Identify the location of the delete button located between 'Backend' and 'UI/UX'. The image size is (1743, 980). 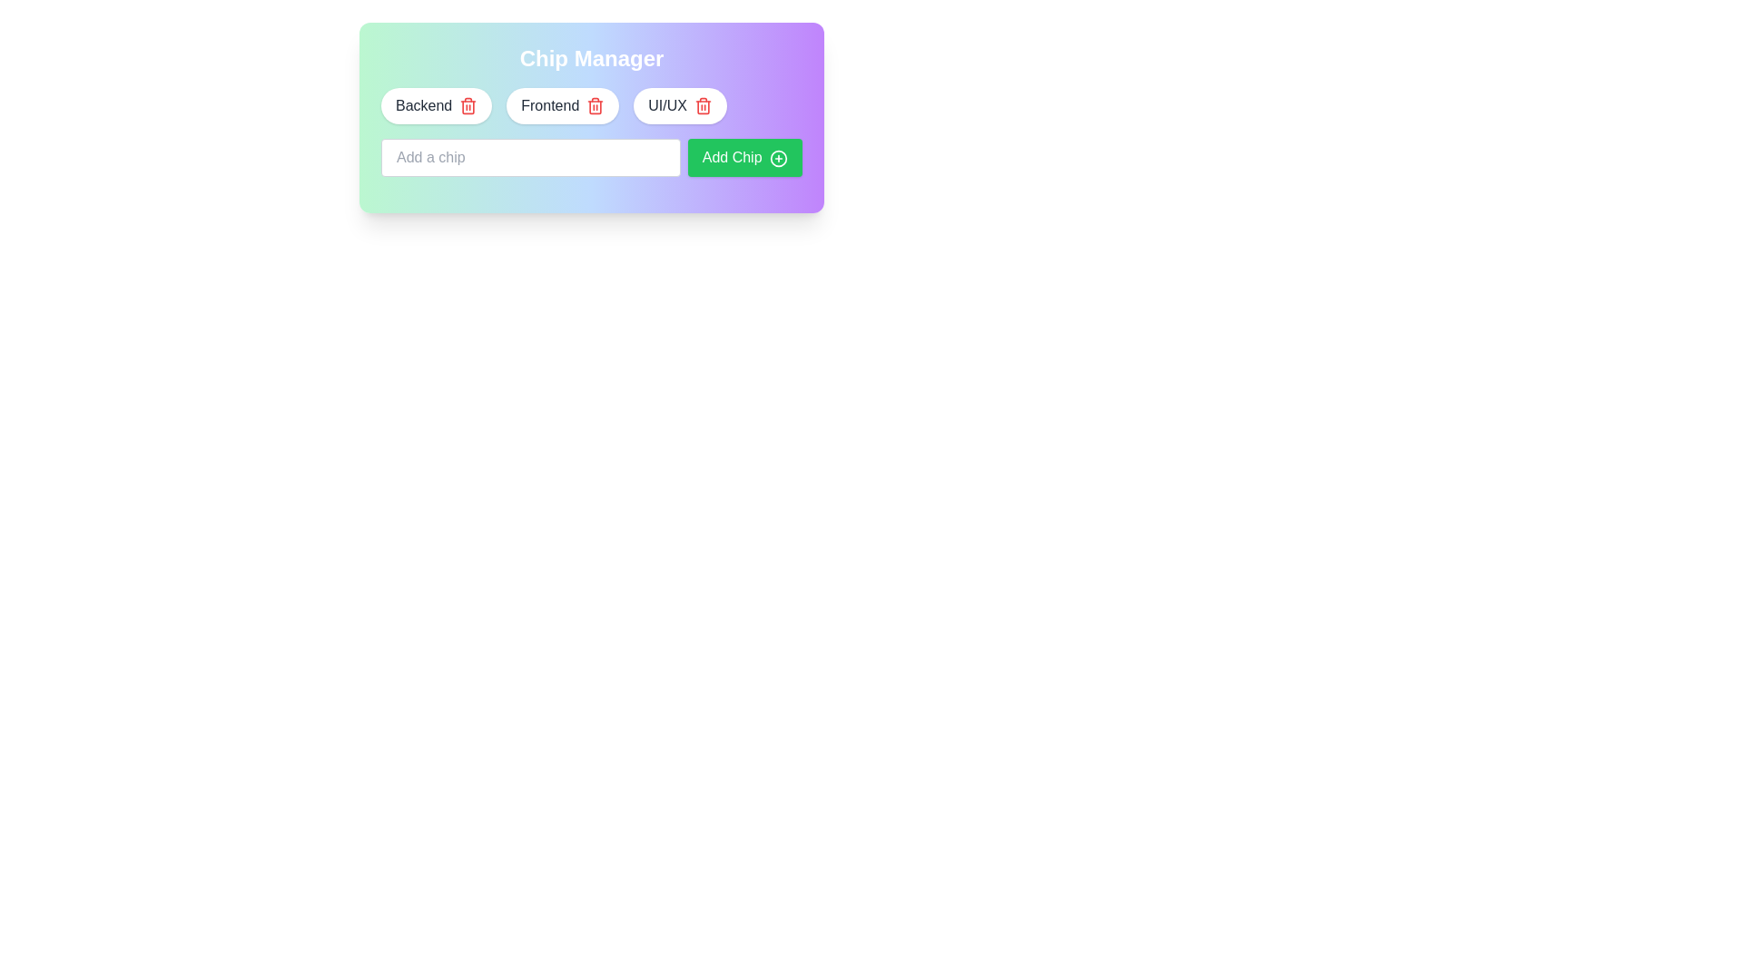
(592, 118).